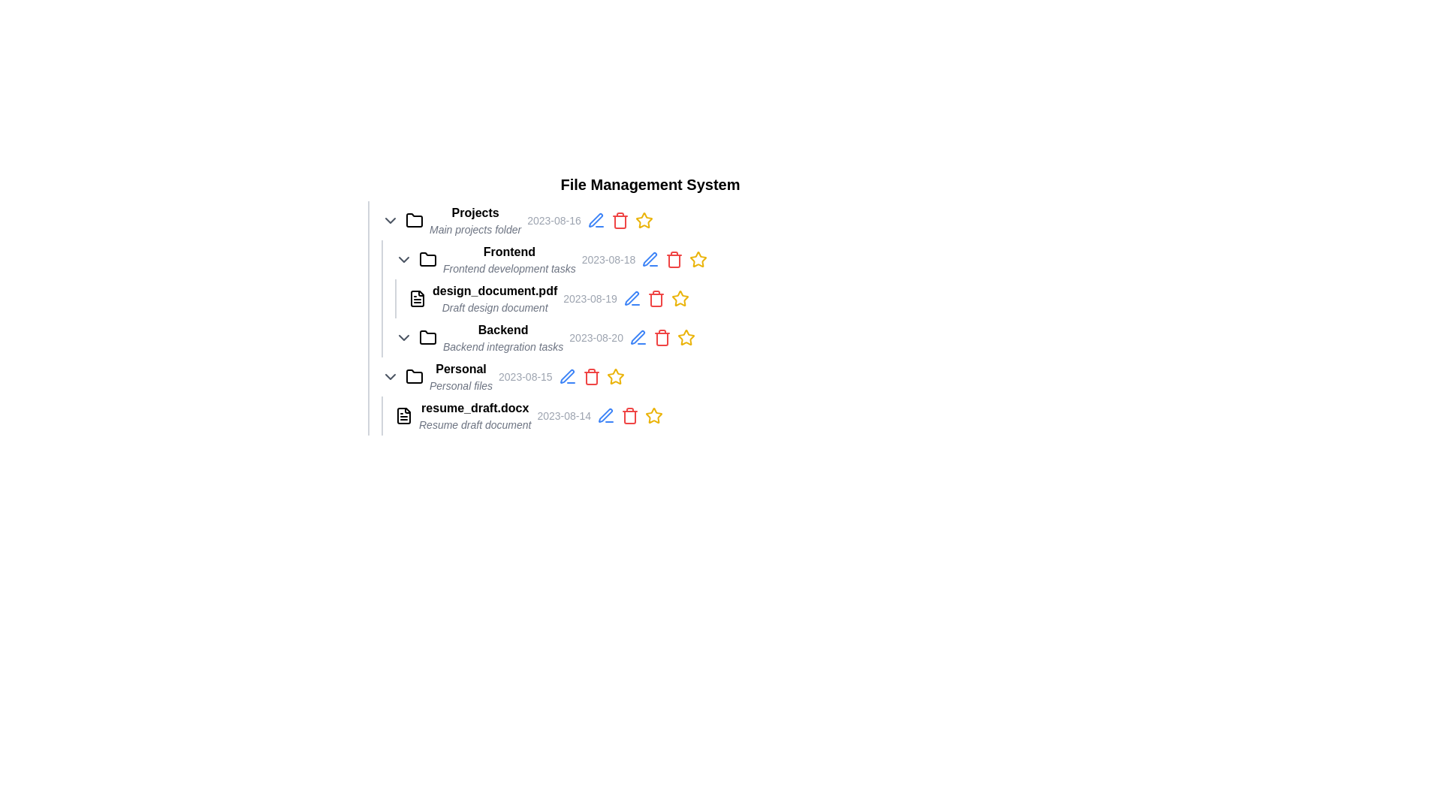 The image size is (1442, 811). I want to click on the descriptive text label located beneath the 'Projects' header in the file management system interface, so click(475, 229).